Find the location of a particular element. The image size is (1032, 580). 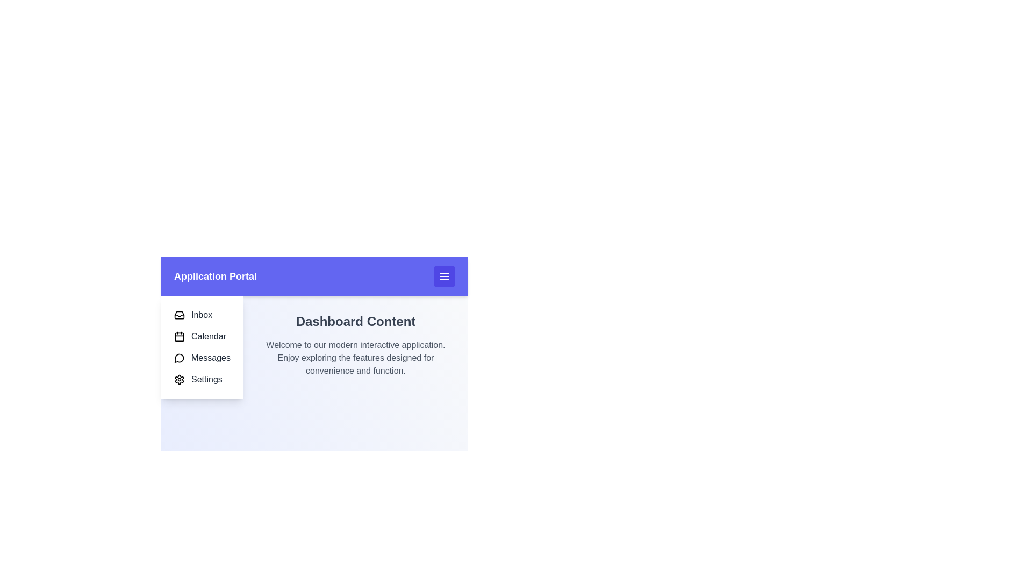

the 'Messages' label in the vertical navigation menu, which is the third label below 'Calendar' and above 'Settings', aligned with a speech bubble icon is located at coordinates (211, 358).